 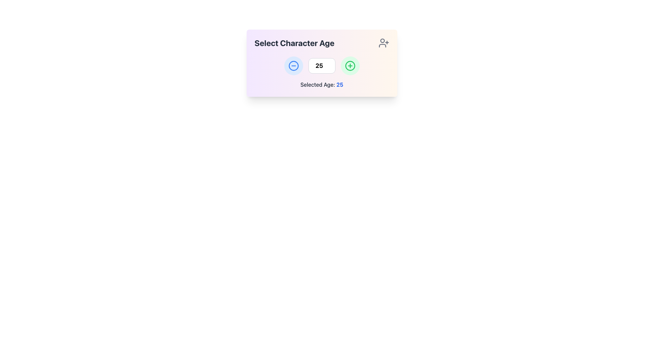 I want to click on the bold header labeled 'Select Character Age' to potentially reveal additional information, so click(x=294, y=43).